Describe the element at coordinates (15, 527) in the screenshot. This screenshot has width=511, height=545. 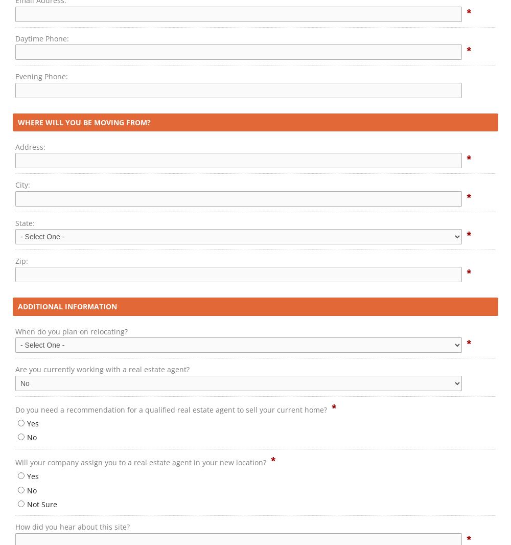
I see `'How did you hear about this site?'` at that location.